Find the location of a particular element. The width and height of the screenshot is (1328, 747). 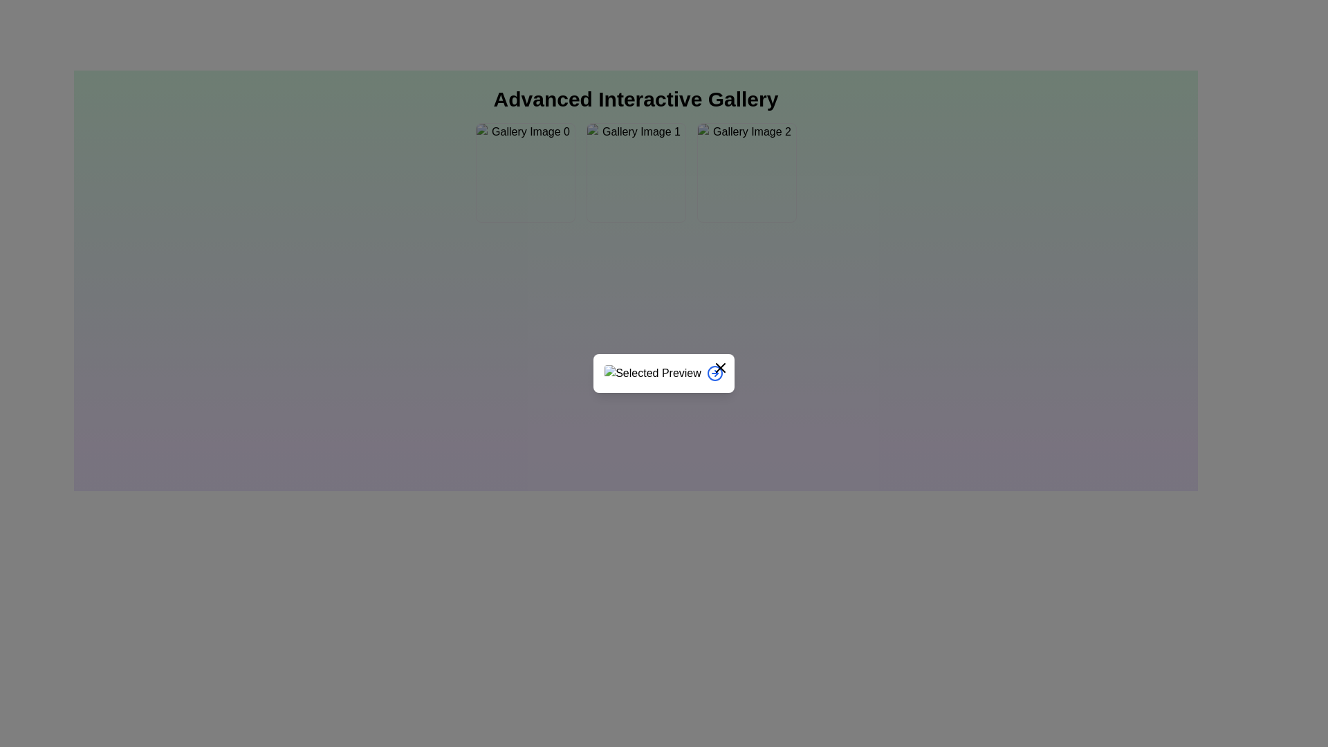

the close button located at the top-right corner of the white dialog box is located at coordinates (719, 367).